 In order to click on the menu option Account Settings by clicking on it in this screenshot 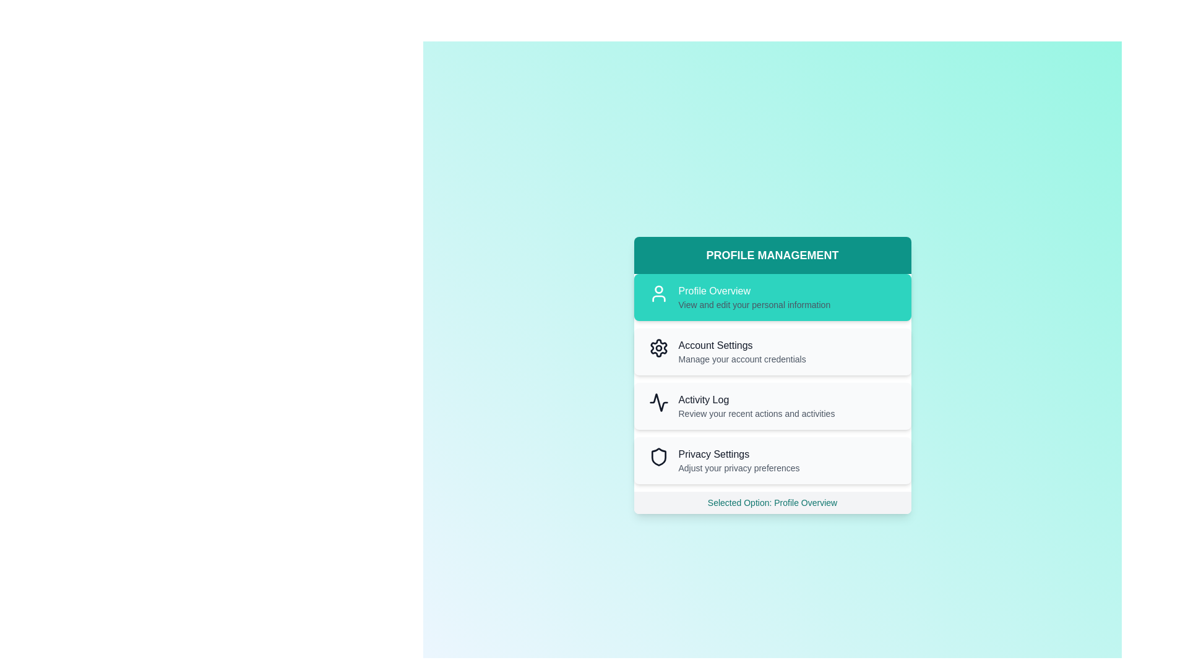, I will do `click(772, 352)`.